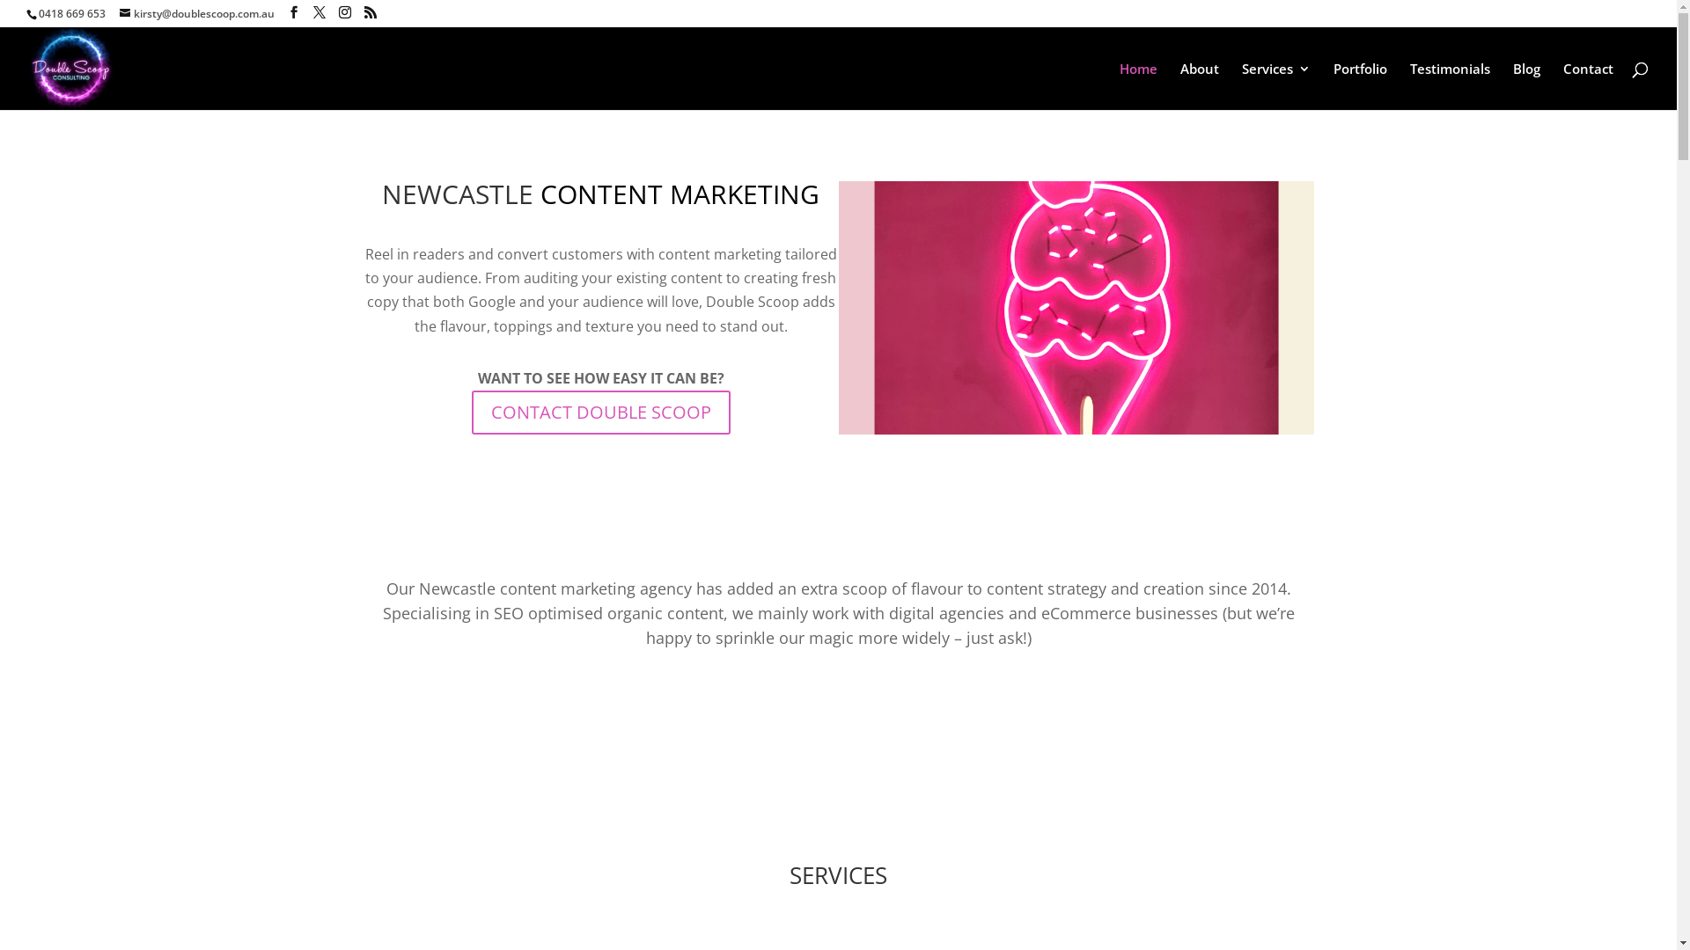 The width and height of the screenshot is (1690, 950). What do you see at coordinates (1179, 85) in the screenshot?
I see `'About'` at bounding box center [1179, 85].